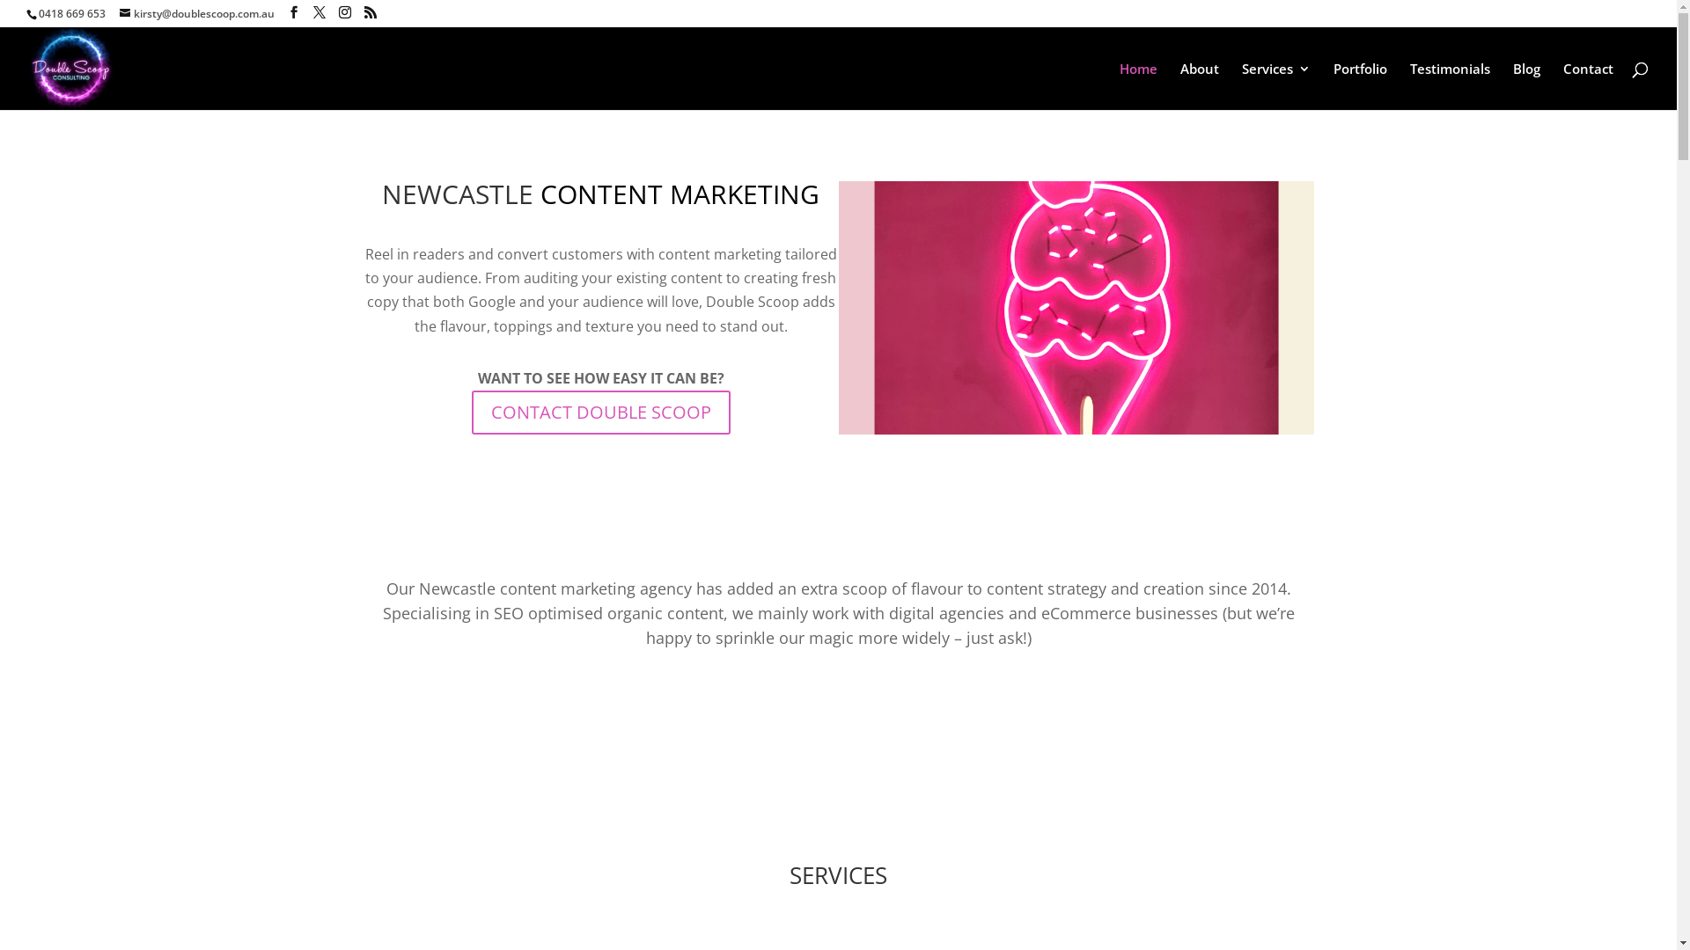 The width and height of the screenshot is (1690, 950). What do you see at coordinates (1179, 85) in the screenshot?
I see `'About'` at bounding box center [1179, 85].